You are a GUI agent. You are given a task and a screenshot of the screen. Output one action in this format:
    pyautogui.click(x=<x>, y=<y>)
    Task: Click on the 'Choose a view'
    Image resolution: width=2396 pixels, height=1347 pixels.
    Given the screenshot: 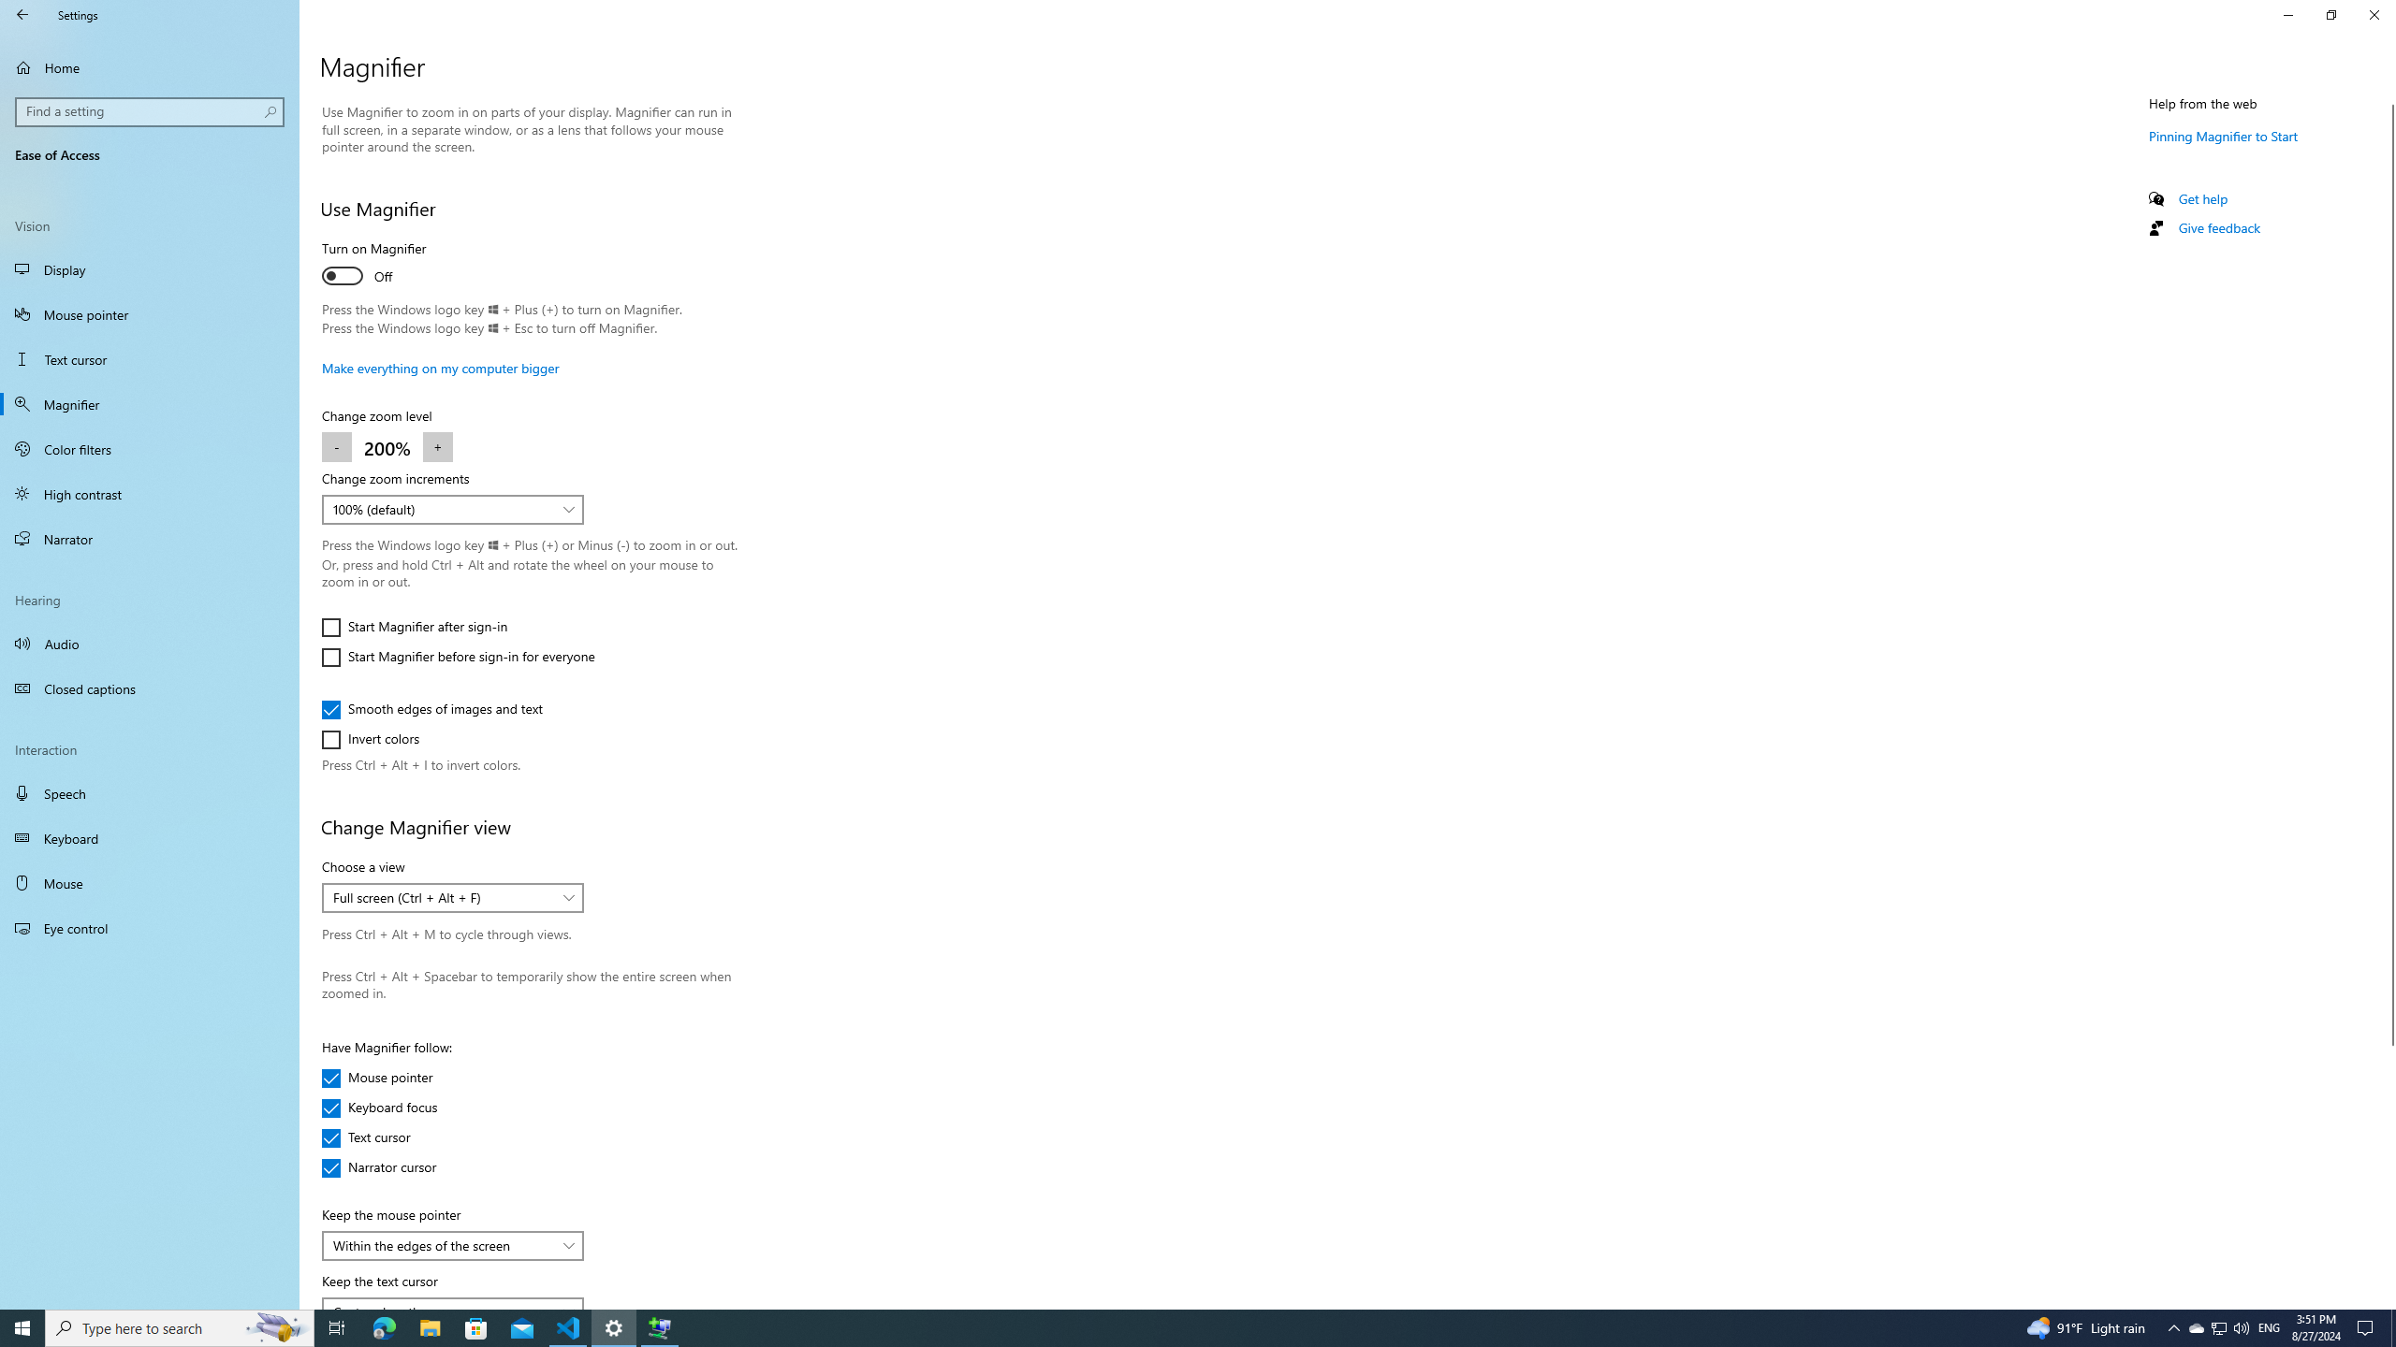 What is the action you would take?
    pyautogui.click(x=451, y=898)
    